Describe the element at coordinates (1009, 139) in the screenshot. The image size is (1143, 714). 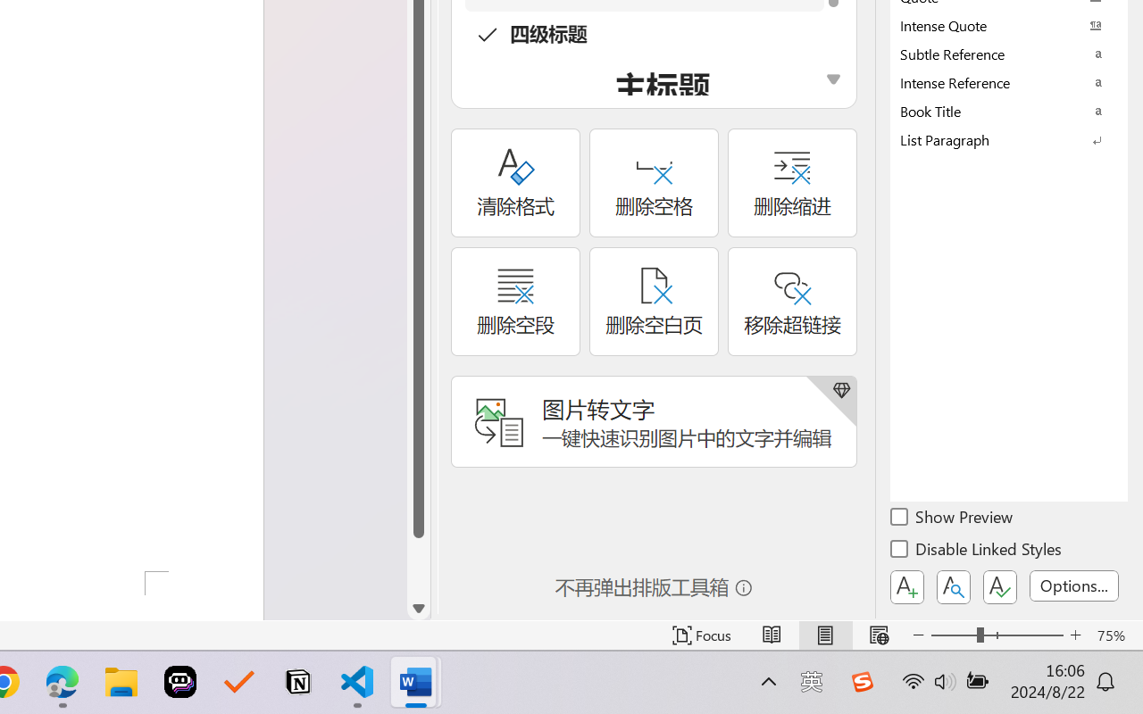
I see `'List Paragraph'` at that location.